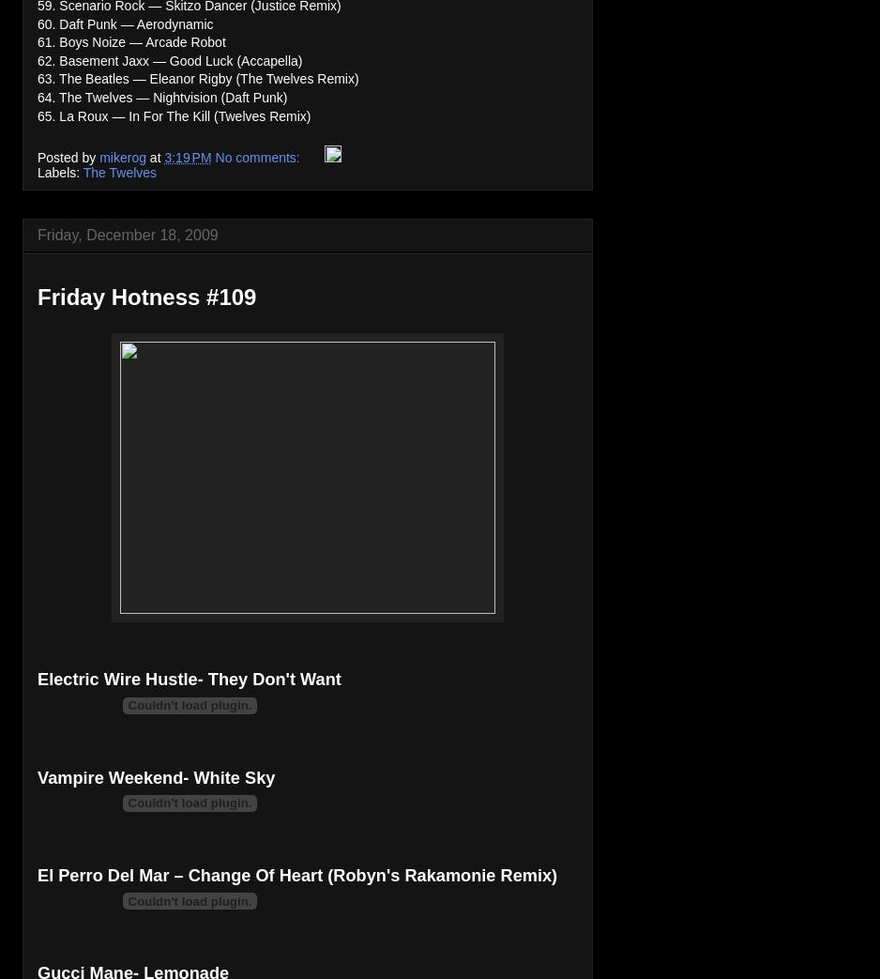 The width and height of the screenshot is (880, 979). What do you see at coordinates (68, 157) in the screenshot?
I see `'Posted by'` at bounding box center [68, 157].